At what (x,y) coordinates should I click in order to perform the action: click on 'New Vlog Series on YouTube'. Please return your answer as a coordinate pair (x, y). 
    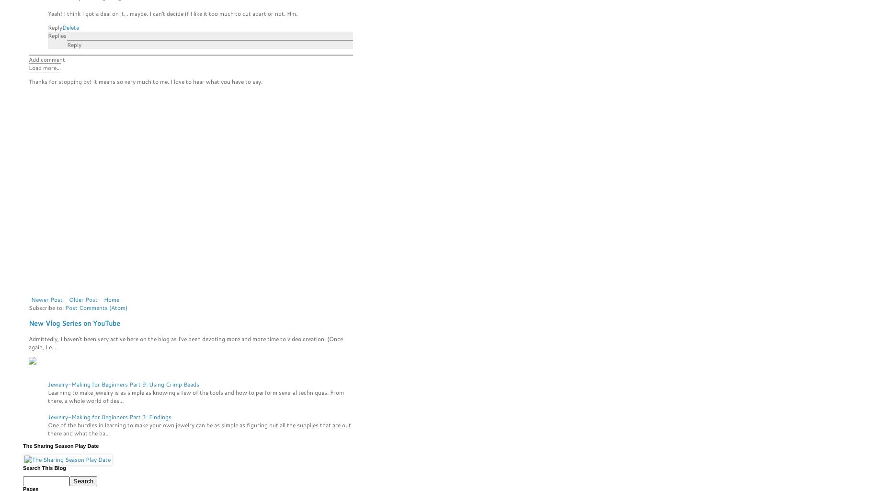
    Looking at the image, I should click on (74, 323).